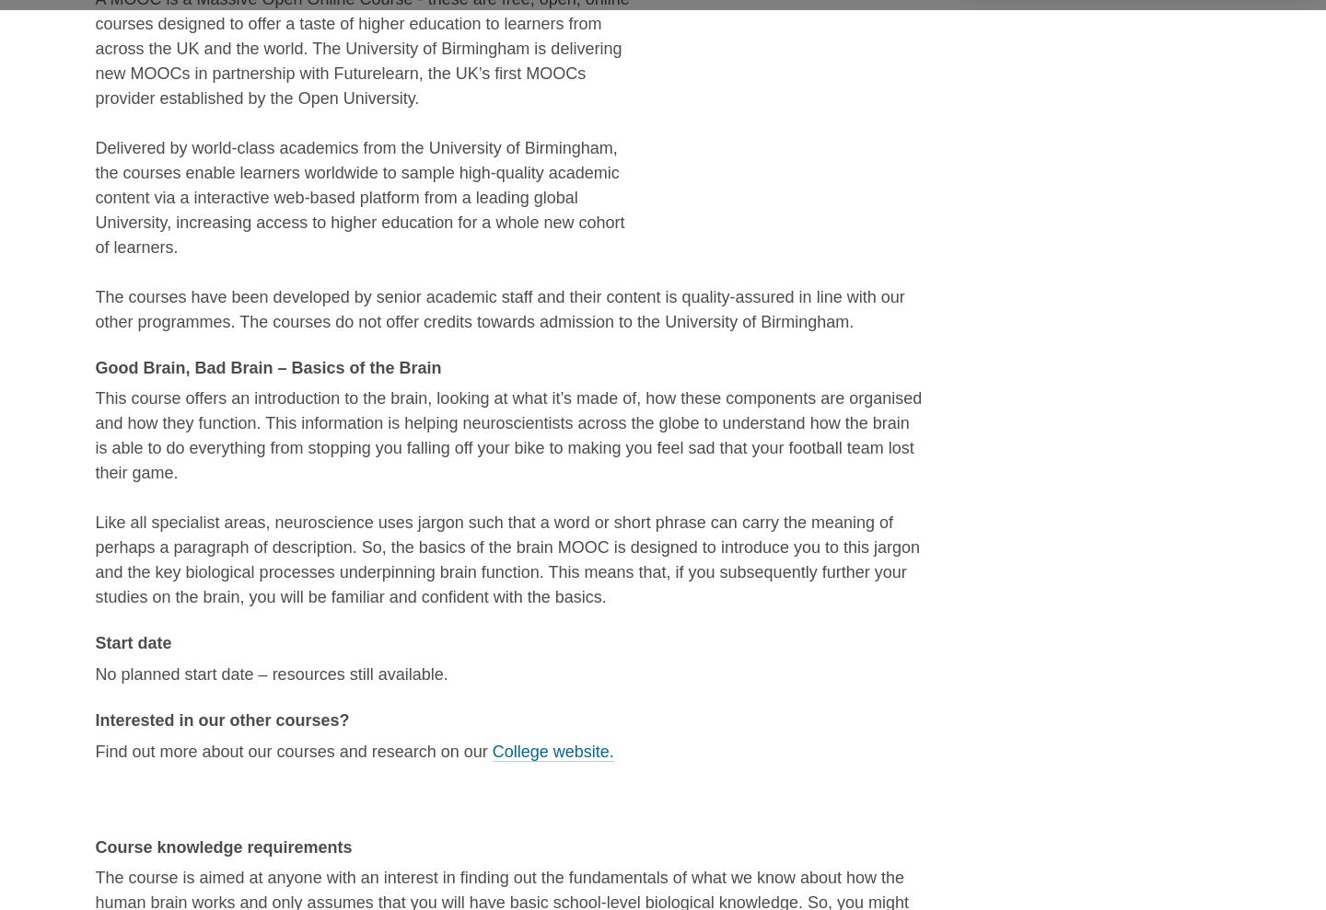 Image resolution: width=1326 pixels, height=910 pixels. What do you see at coordinates (94, 307) in the screenshot?
I see `'The courses have been developed by senior academic staff and their content is quality-assured in line with our other programmes. The courses do not offer credits towards admission to the University of Birmingham.'` at bounding box center [94, 307].